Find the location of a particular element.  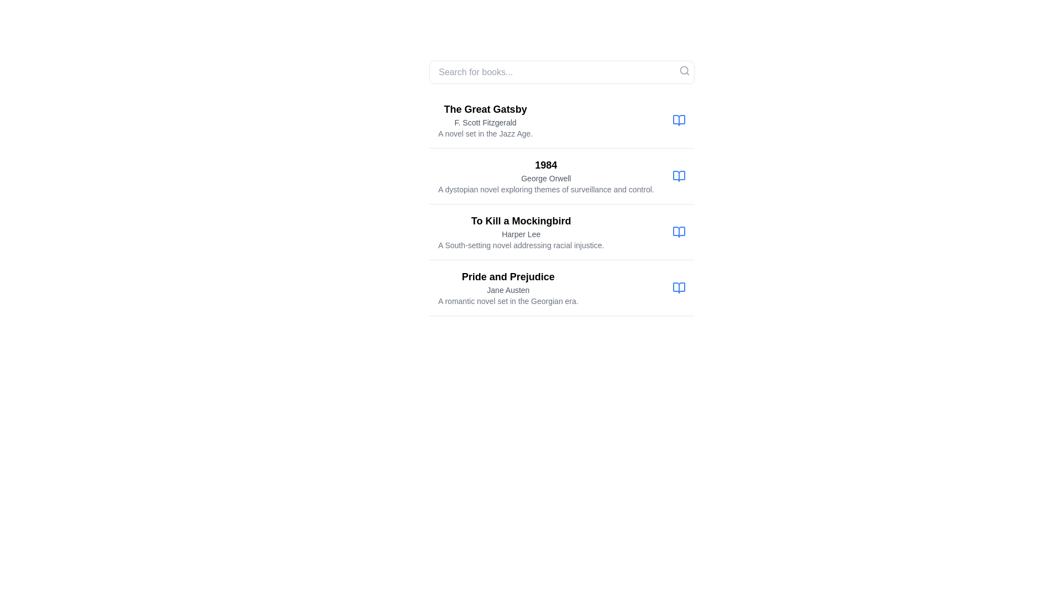

the static text element reading 'Jane Austen', which is styled in a smaller light gray font and is positioned below the title 'Pride and Prejudice' is located at coordinates (507, 289).